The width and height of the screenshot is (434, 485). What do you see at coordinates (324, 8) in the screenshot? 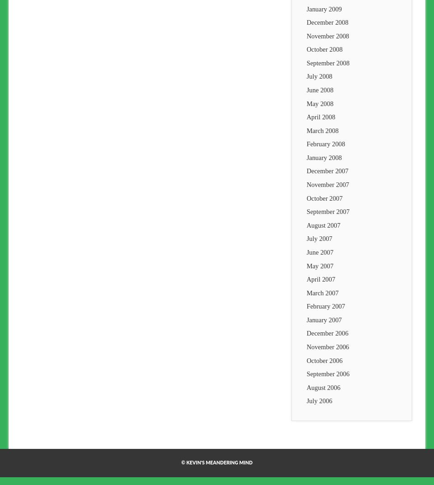
I see `'January 2009'` at bounding box center [324, 8].